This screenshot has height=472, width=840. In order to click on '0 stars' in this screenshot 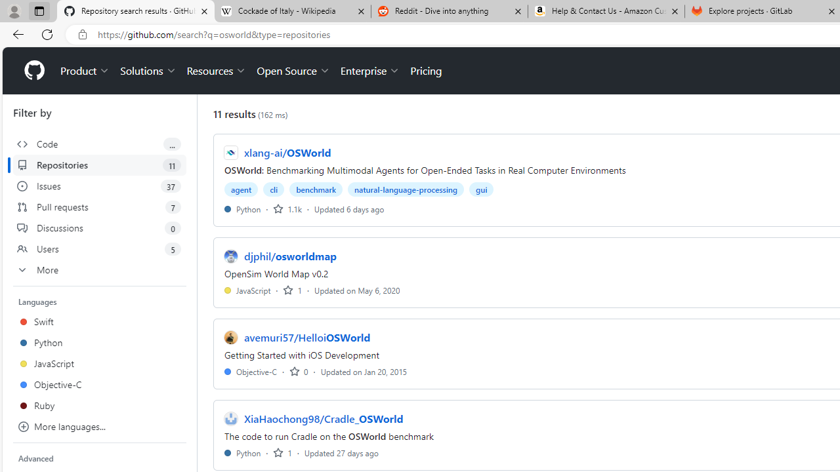, I will do `click(298, 371)`.